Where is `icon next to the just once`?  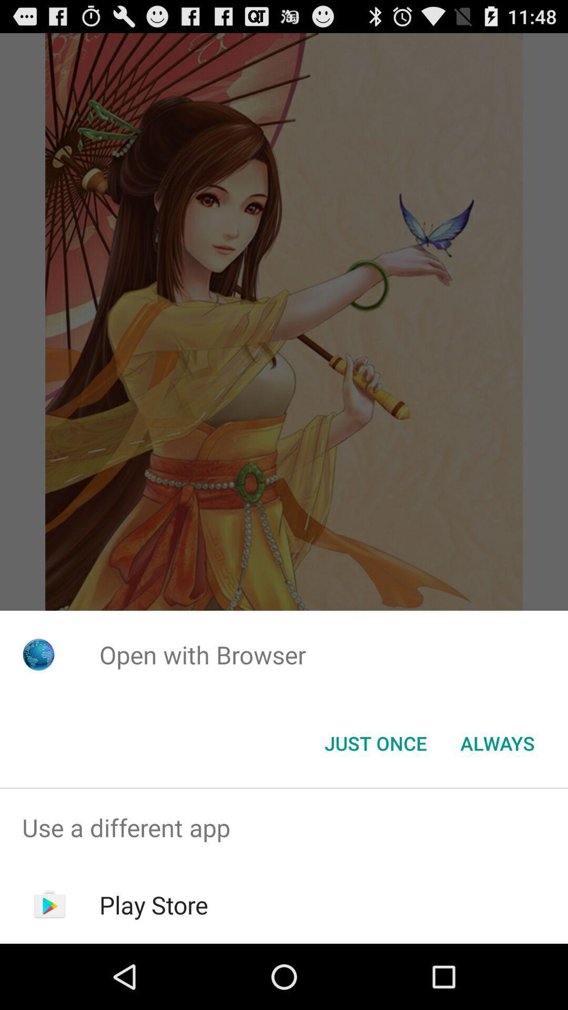
icon next to the just once is located at coordinates (497, 742).